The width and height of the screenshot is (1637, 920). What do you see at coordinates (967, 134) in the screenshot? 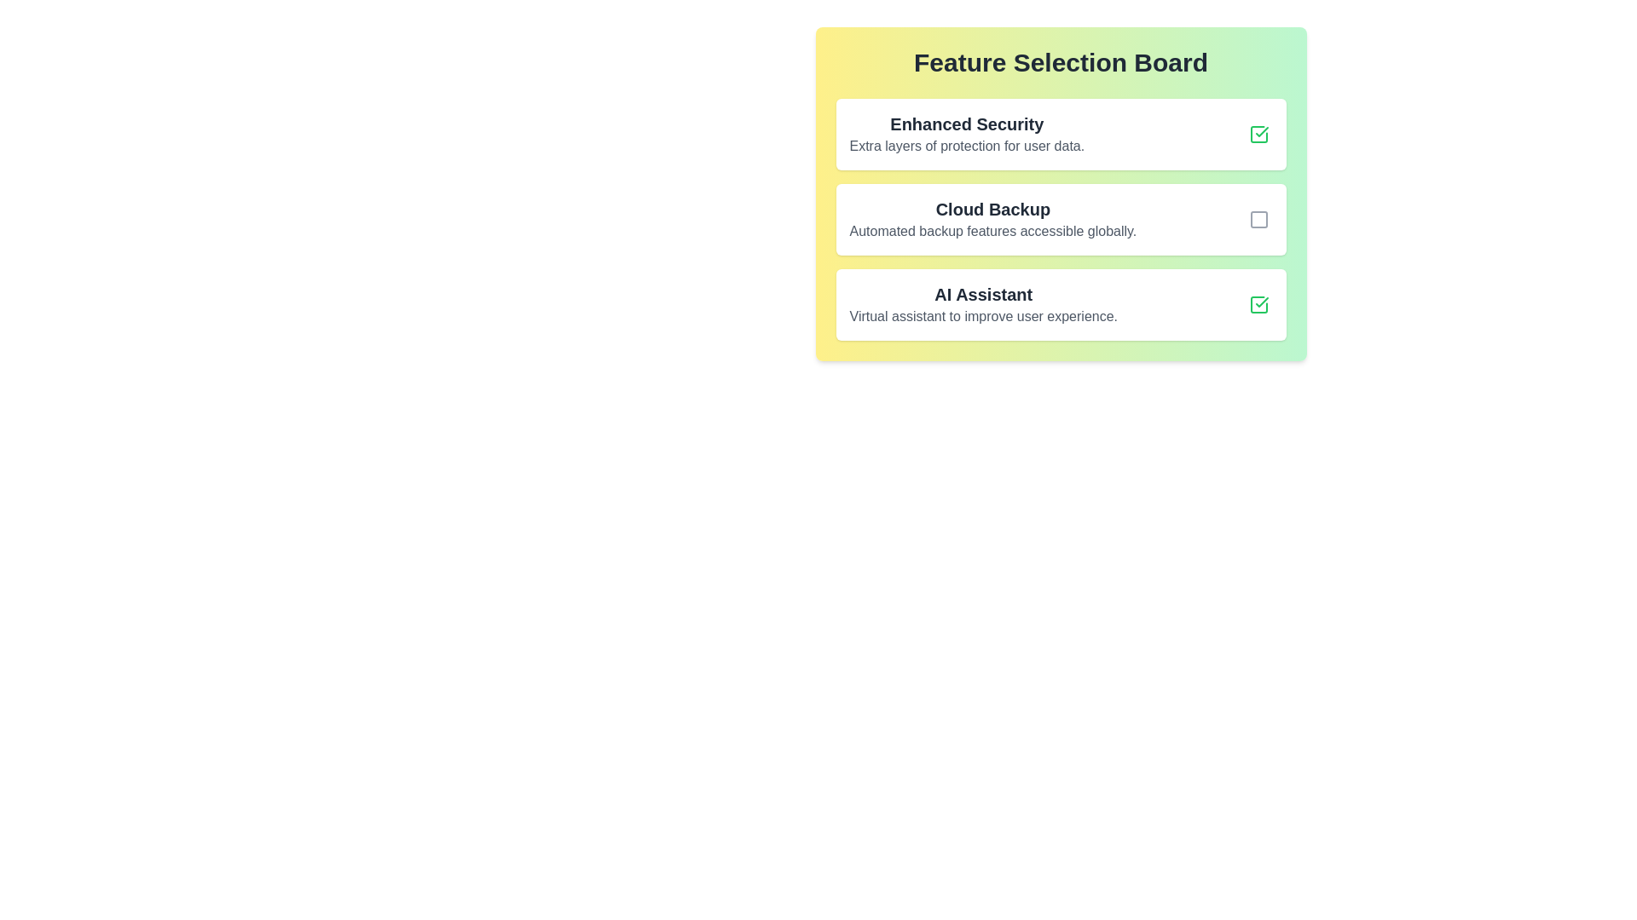
I see `the 'Enhanced Security' descriptive text block, which is the first item in the 'Feature Selection Board' section` at bounding box center [967, 134].